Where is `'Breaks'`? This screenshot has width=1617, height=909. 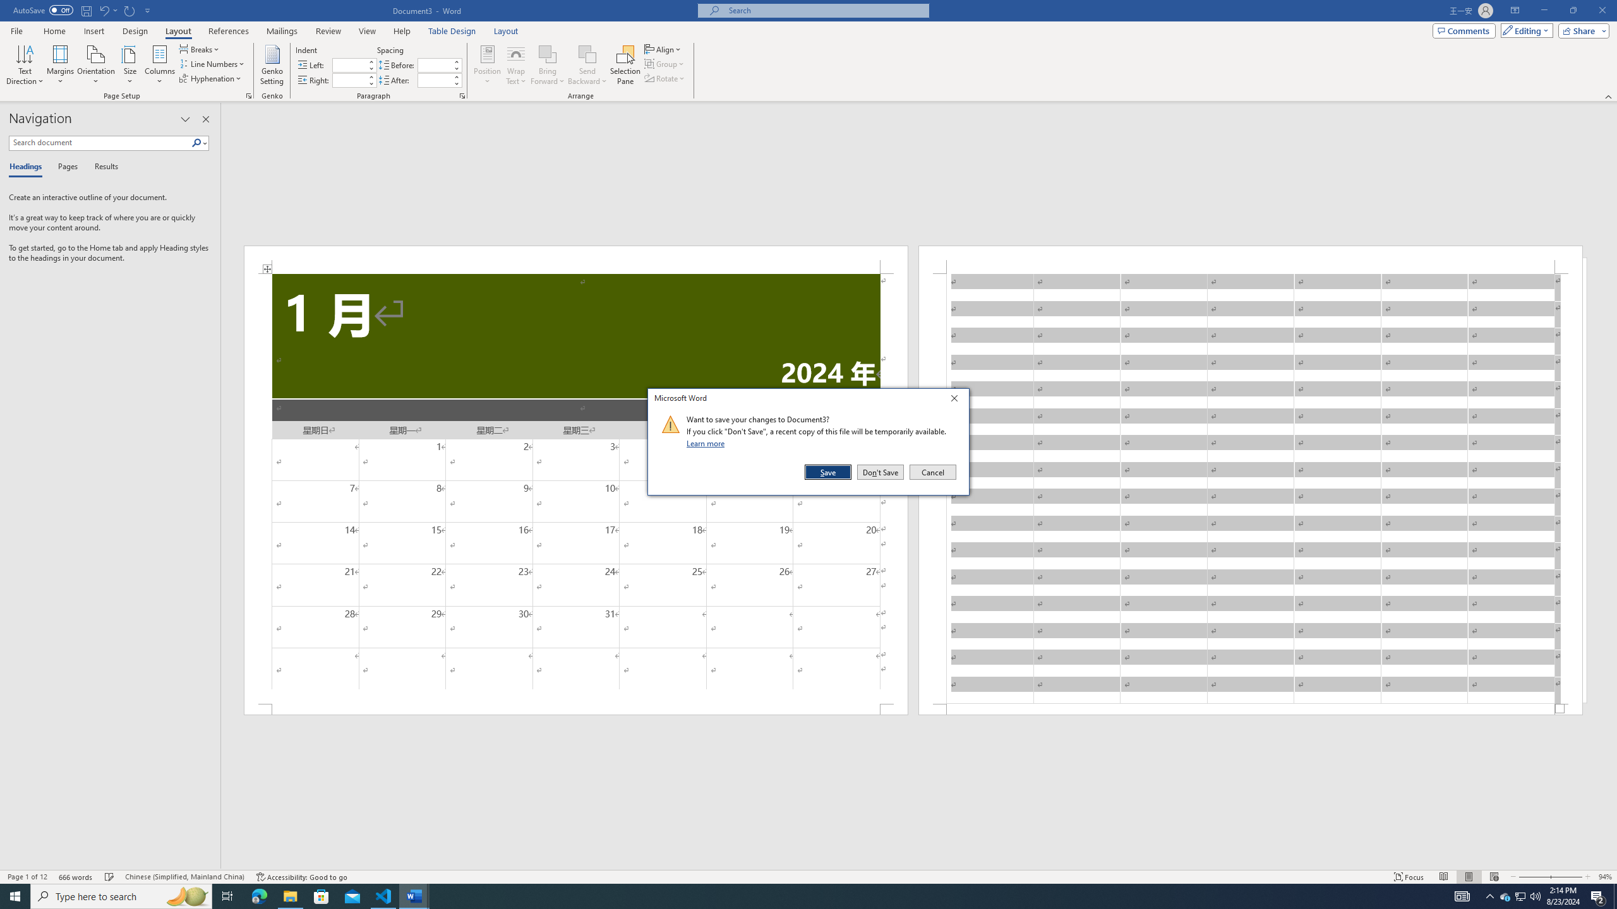
'Breaks' is located at coordinates (199, 49).